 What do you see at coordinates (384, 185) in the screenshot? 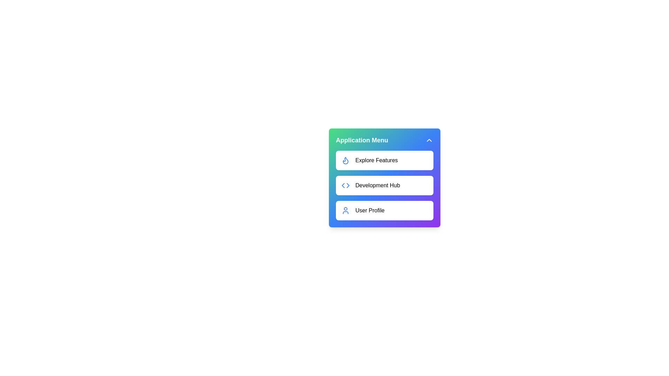
I see `the menu item labeled 'Development Hub' to observe its hover effect` at bounding box center [384, 185].